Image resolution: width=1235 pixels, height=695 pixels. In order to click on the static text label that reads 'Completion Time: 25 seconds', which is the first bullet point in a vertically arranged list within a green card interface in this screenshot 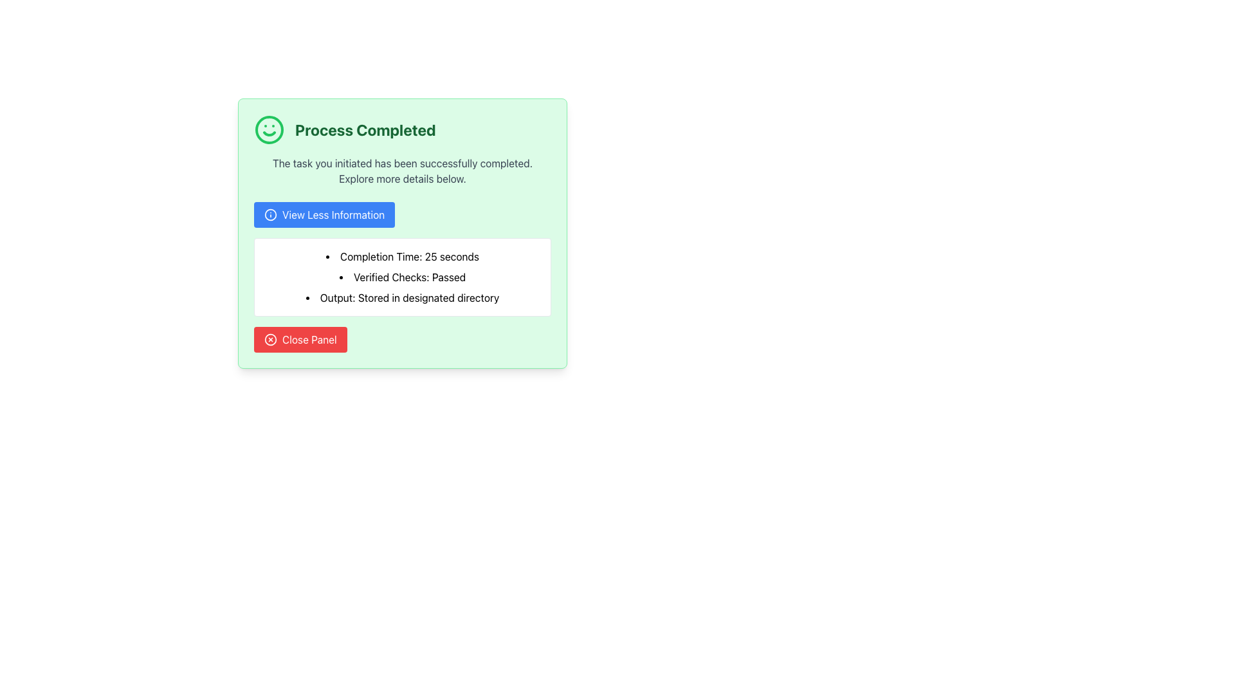, I will do `click(401, 256)`.